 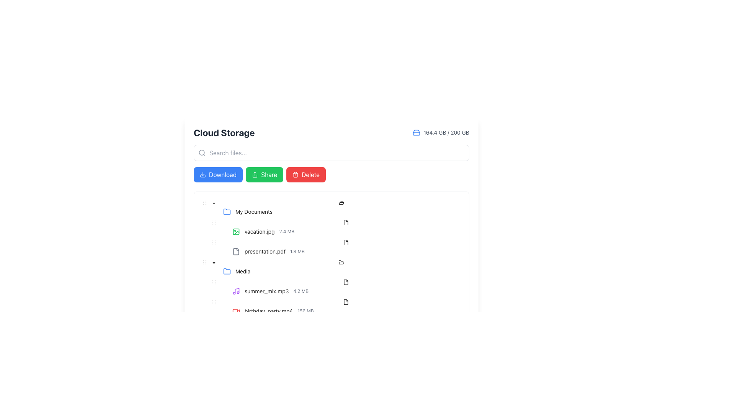 I want to click on the red 'Delete' button with a trash can icon, so click(x=305, y=174).